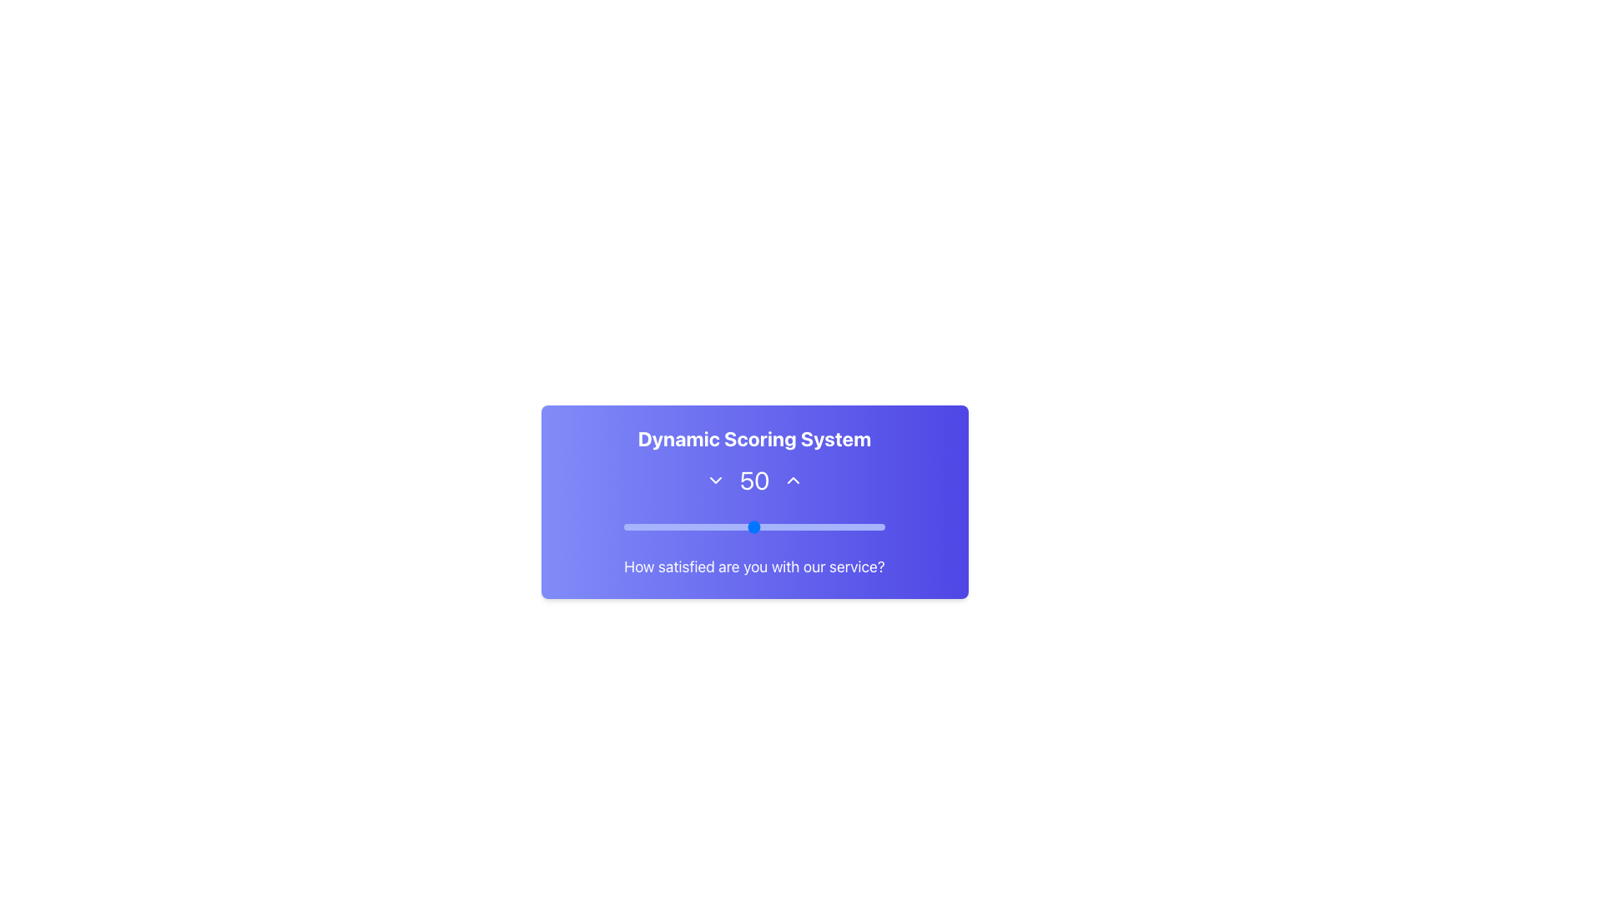 Image resolution: width=1602 pixels, height=901 pixels. I want to click on the slider, so click(726, 523).